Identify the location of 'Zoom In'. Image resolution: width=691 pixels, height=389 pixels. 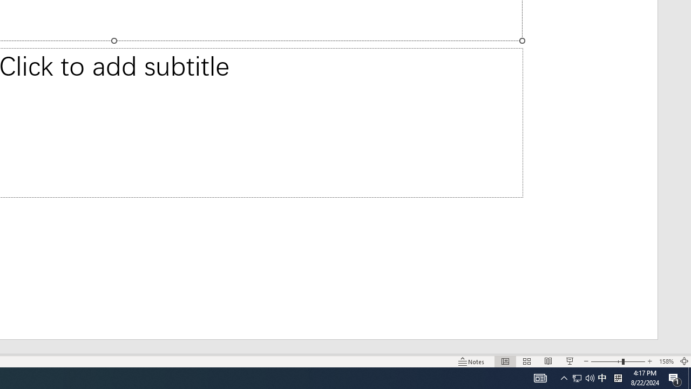
(649, 361).